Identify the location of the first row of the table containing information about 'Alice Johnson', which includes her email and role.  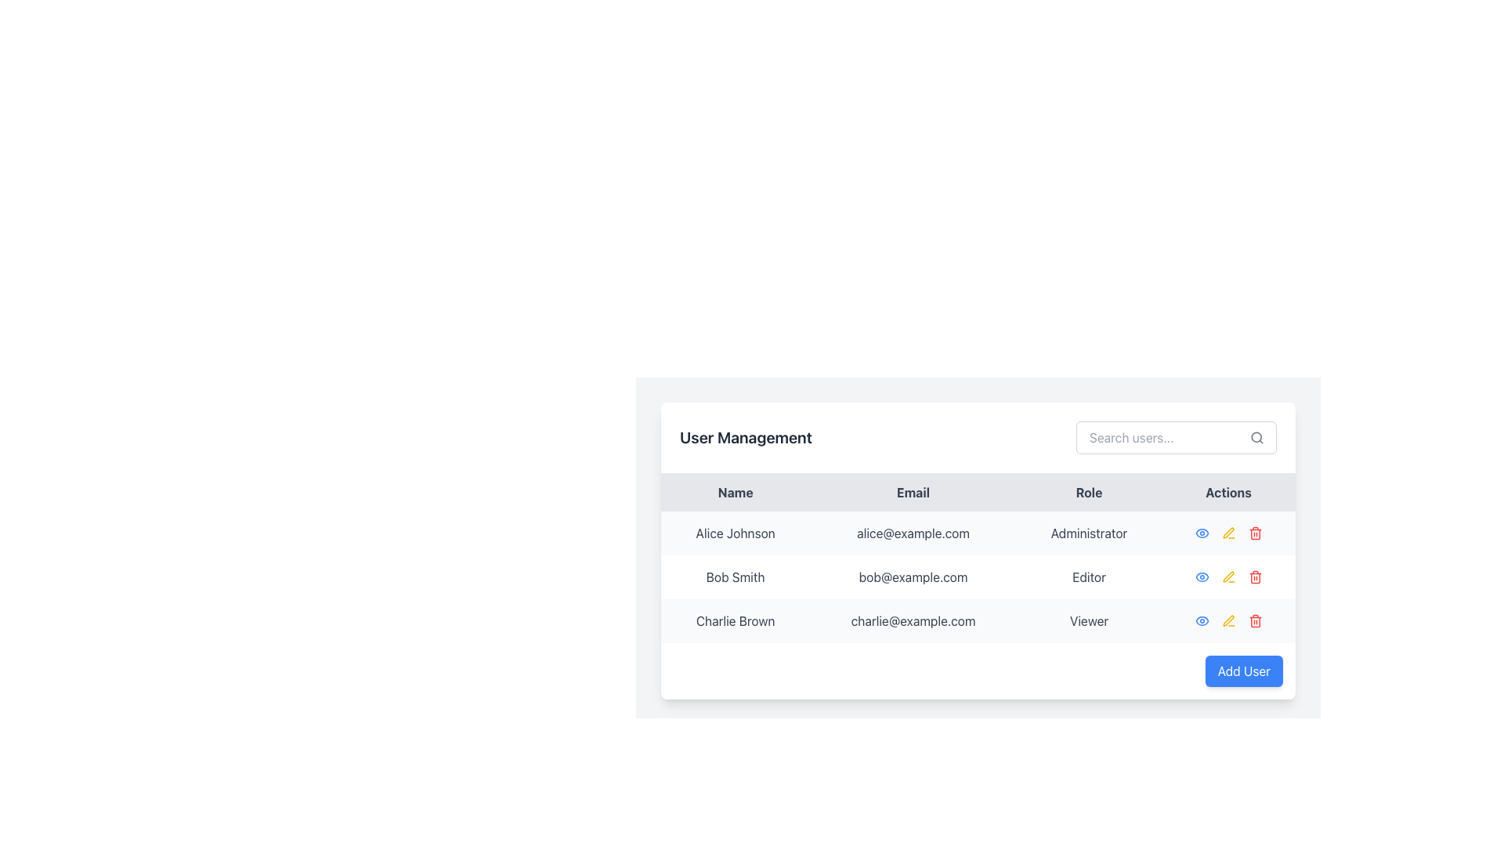
(977, 533).